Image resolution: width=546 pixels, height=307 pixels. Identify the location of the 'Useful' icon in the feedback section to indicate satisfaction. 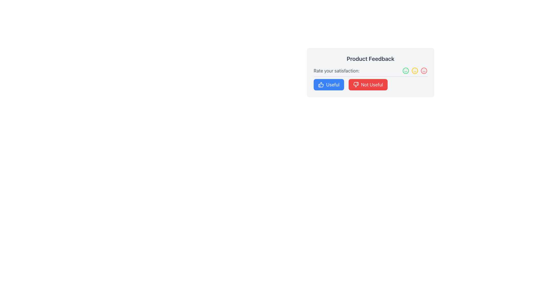
(321, 84).